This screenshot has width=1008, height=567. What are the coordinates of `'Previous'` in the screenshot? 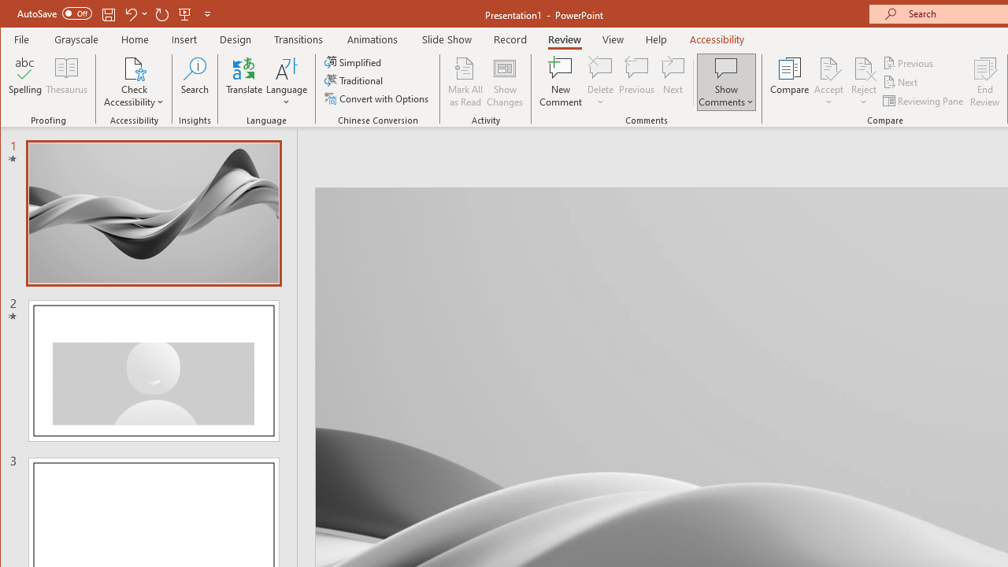 It's located at (909, 62).